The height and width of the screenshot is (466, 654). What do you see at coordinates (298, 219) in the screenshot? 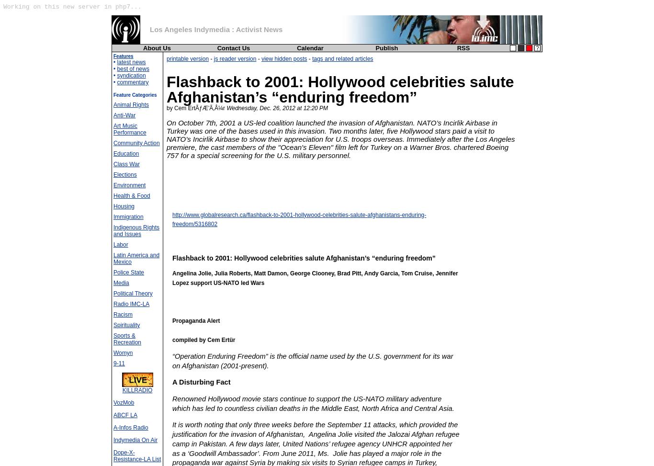
I see `'http://www.globalresearch.ca/flashback-to-2001-hollywood-celebrities-salute-afghanistans-enduring-freedom/5316802'` at bounding box center [298, 219].